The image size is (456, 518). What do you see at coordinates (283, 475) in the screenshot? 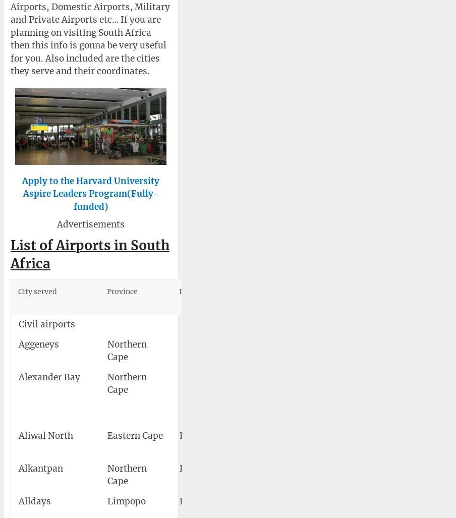
I see `'Alkantpan Airport'` at bounding box center [283, 475].